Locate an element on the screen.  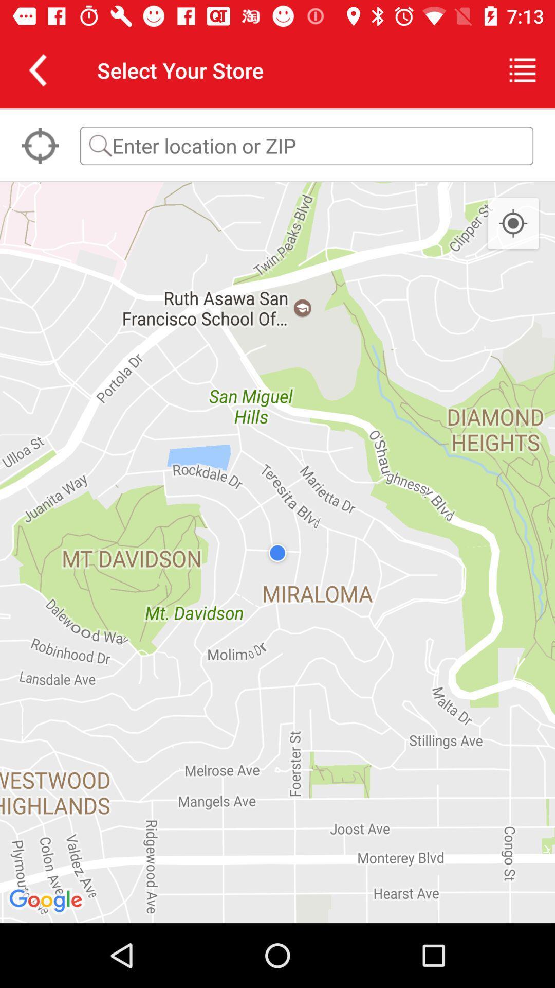
the icon next to the select your store is located at coordinates (37, 69).